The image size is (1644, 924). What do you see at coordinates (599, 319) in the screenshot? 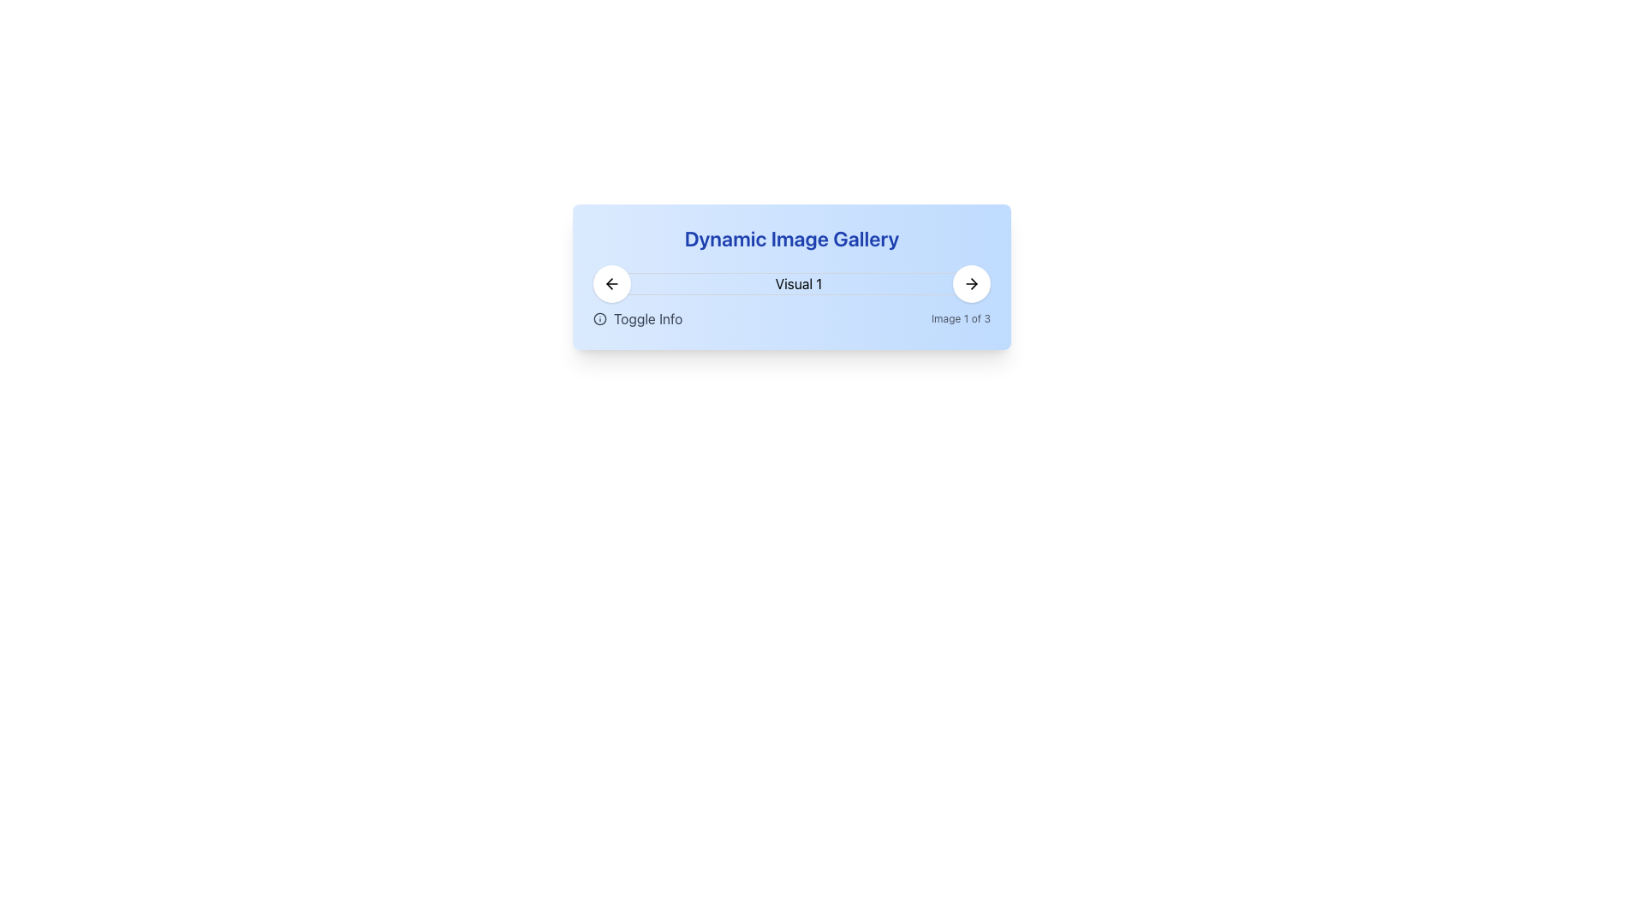
I see `the information SVG icon located to the far left of the 'Toggle Info' text group, positioned near the bottom-left corner of the component area` at bounding box center [599, 319].